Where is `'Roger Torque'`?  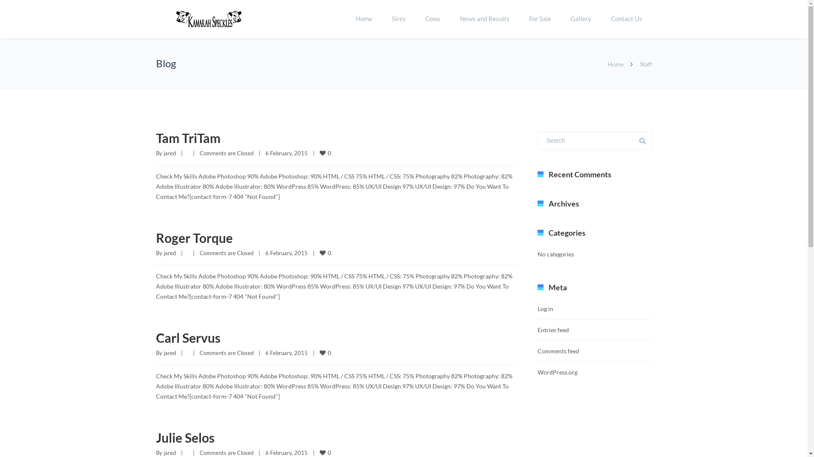
'Roger Torque' is located at coordinates (194, 238).